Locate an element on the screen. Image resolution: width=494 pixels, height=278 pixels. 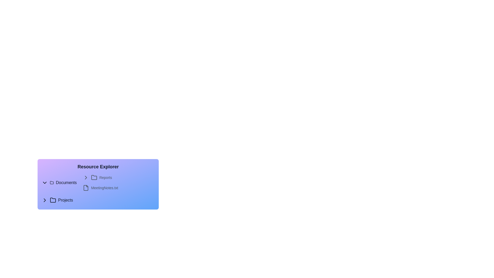
the toggle button located at the beginning of the 'Reports' row in the 'Documents' section is located at coordinates (86, 177).